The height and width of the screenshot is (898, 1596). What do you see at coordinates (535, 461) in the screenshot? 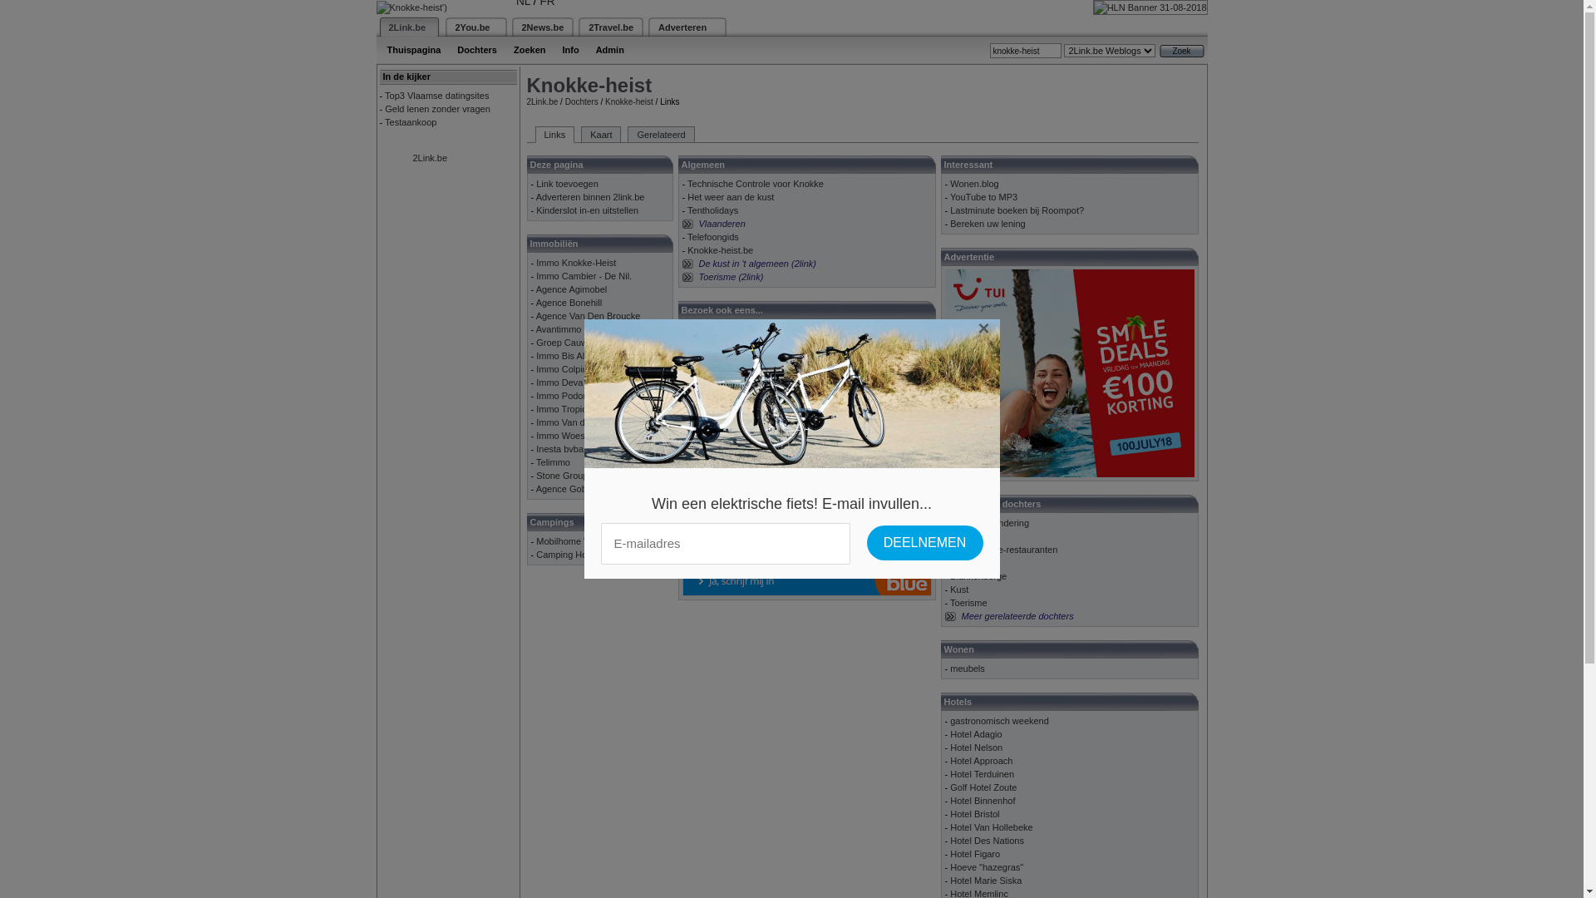
I see `'Telimmo'` at bounding box center [535, 461].